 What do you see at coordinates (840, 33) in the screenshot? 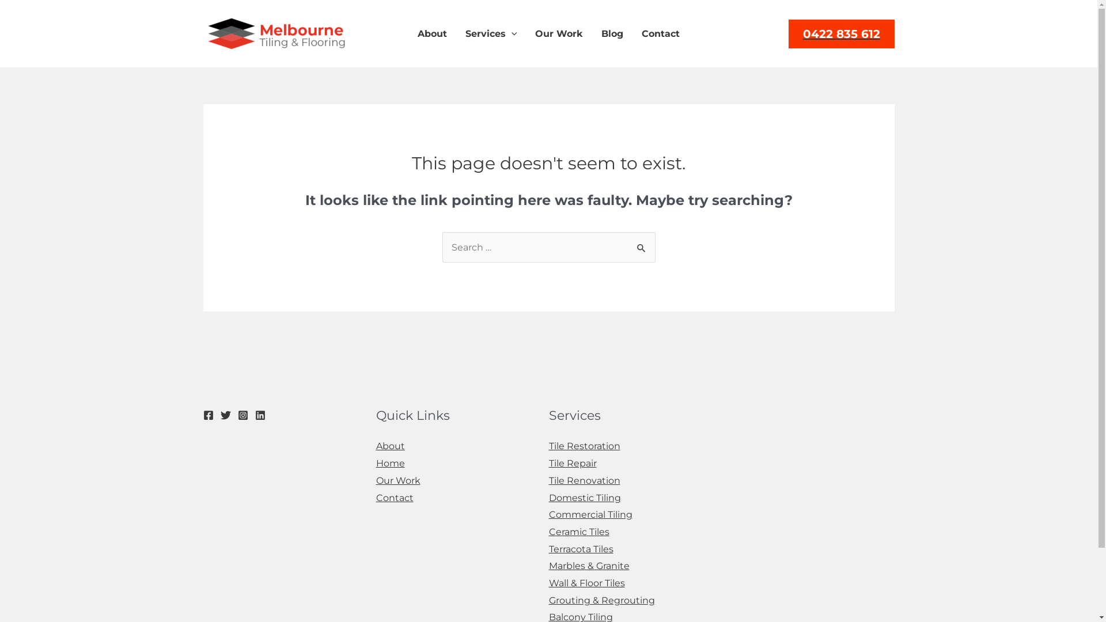
I see `'0422 835 612'` at bounding box center [840, 33].